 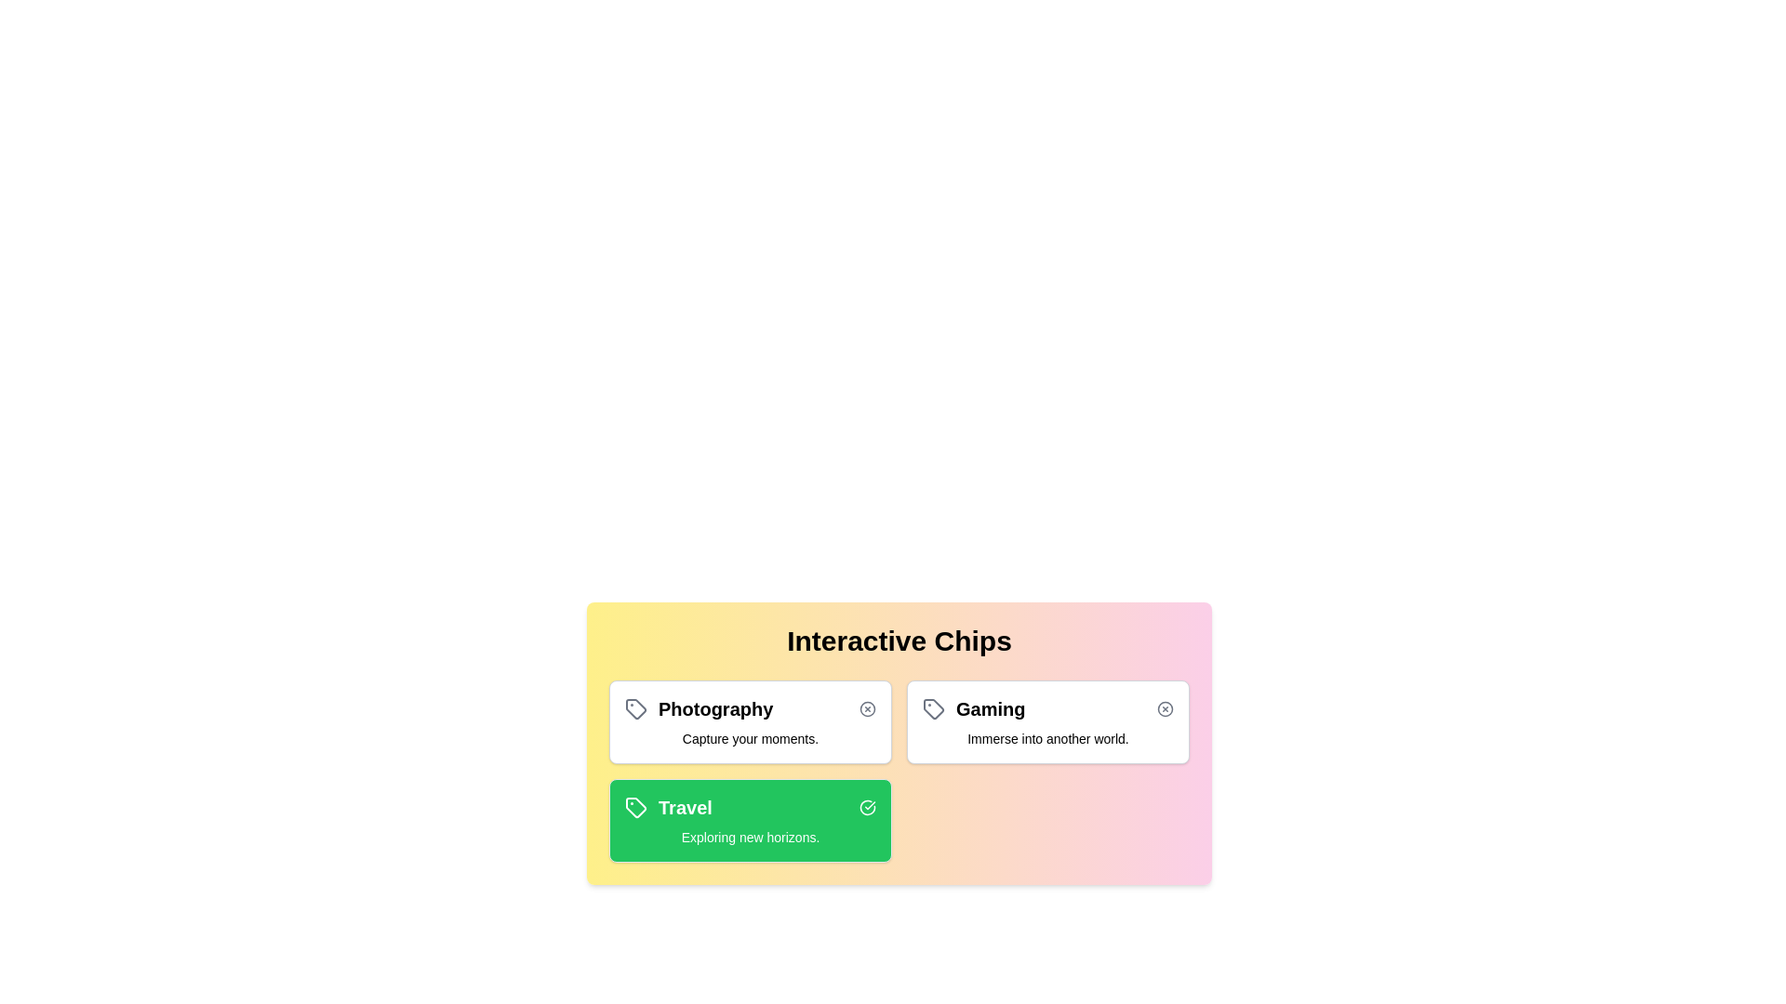 What do you see at coordinates (1048, 720) in the screenshot?
I see `the chip labeled 'Gaming' to toggle its selection state` at bounding box center [1048, 720].